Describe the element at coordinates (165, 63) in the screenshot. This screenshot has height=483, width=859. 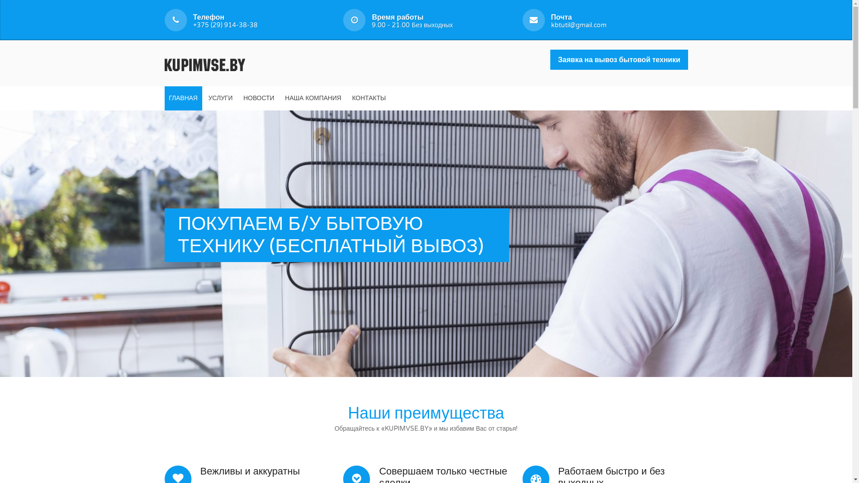
I see `'KUPIMVSE.BY'` at that location.